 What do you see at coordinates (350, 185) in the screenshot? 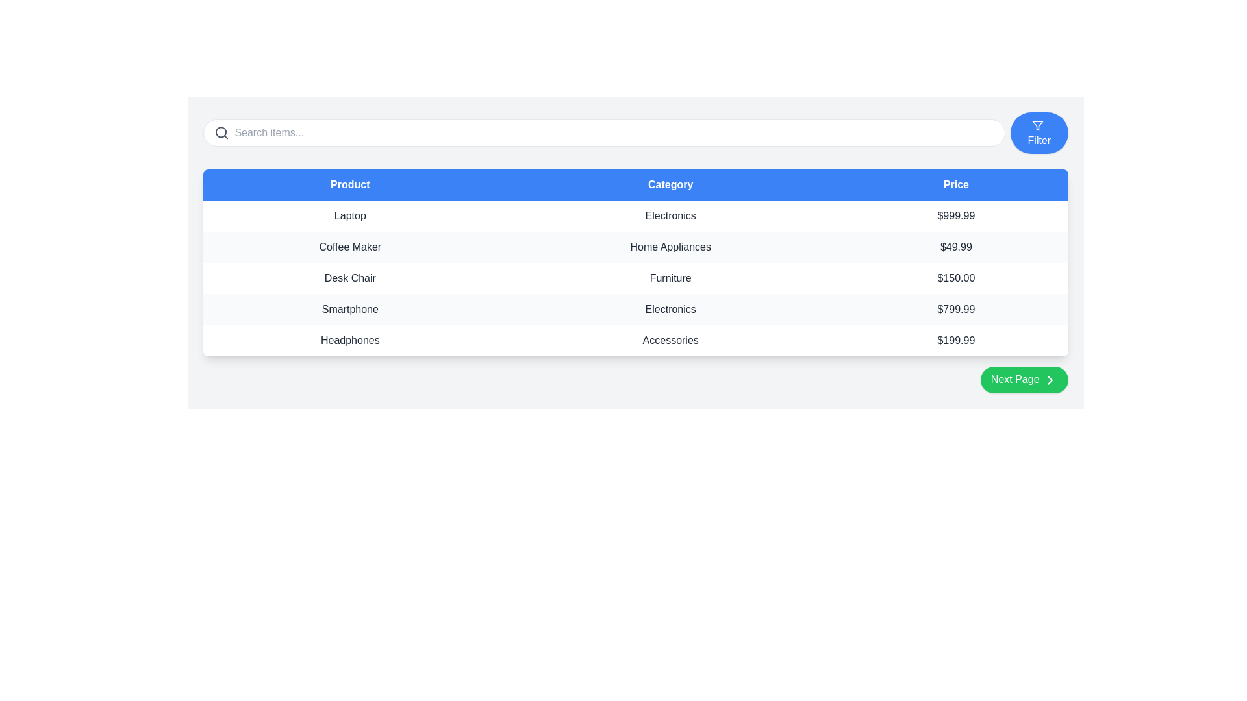
I see `the 'Product' header cell in the table` at bounding box center [350, 185].